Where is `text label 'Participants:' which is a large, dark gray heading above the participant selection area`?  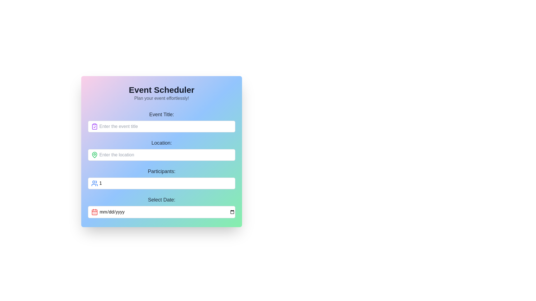
text label 'Participants:' which is a large, dark gray heading above the participant selection area is located at coordinates (161, 171).